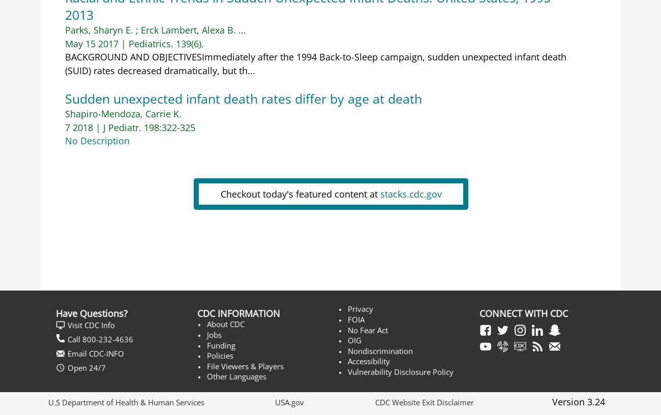 The image size is (661, 415). I want to click on 'USA.gov', so click(289, 402).